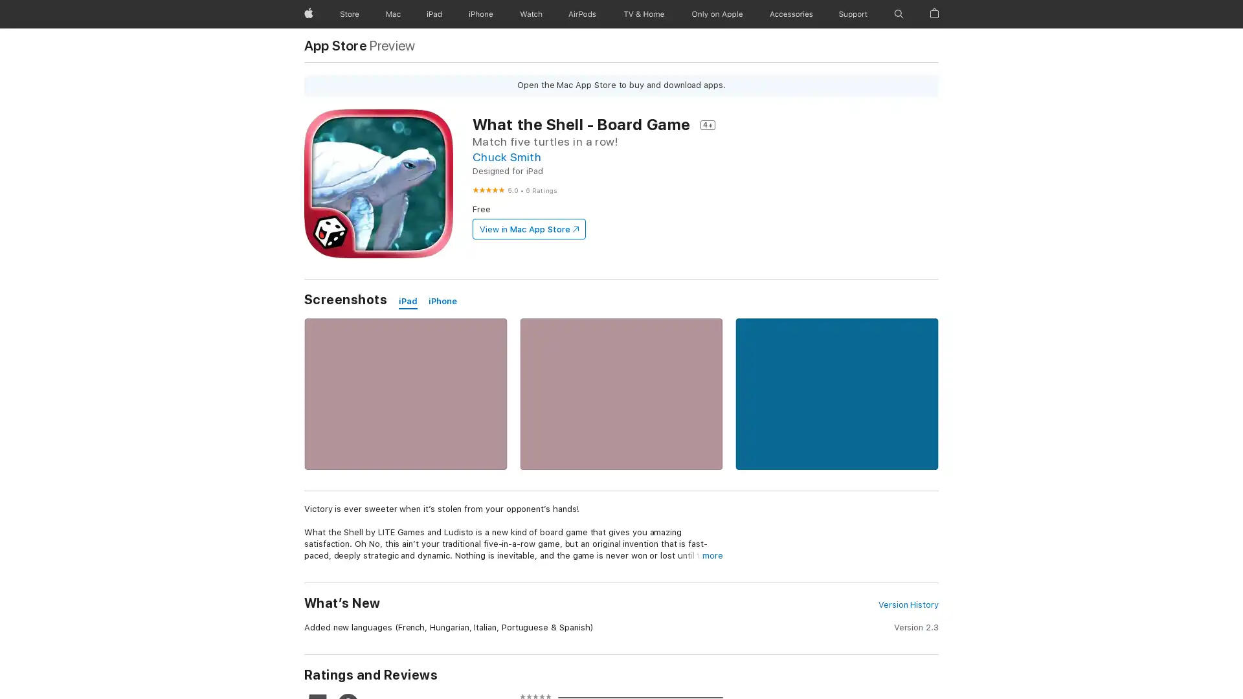 The width and height of the screenshot is (1243, 699). Describe the element at coordinates (907, 605) in the screenshot. I see `Version History` at that location.